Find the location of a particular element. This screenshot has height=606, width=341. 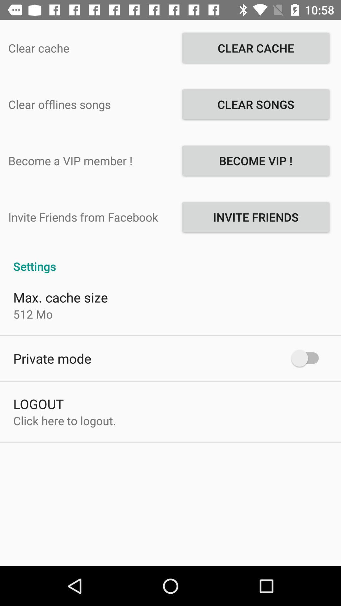

the 512 mo item is located at coordinates (33, 314).